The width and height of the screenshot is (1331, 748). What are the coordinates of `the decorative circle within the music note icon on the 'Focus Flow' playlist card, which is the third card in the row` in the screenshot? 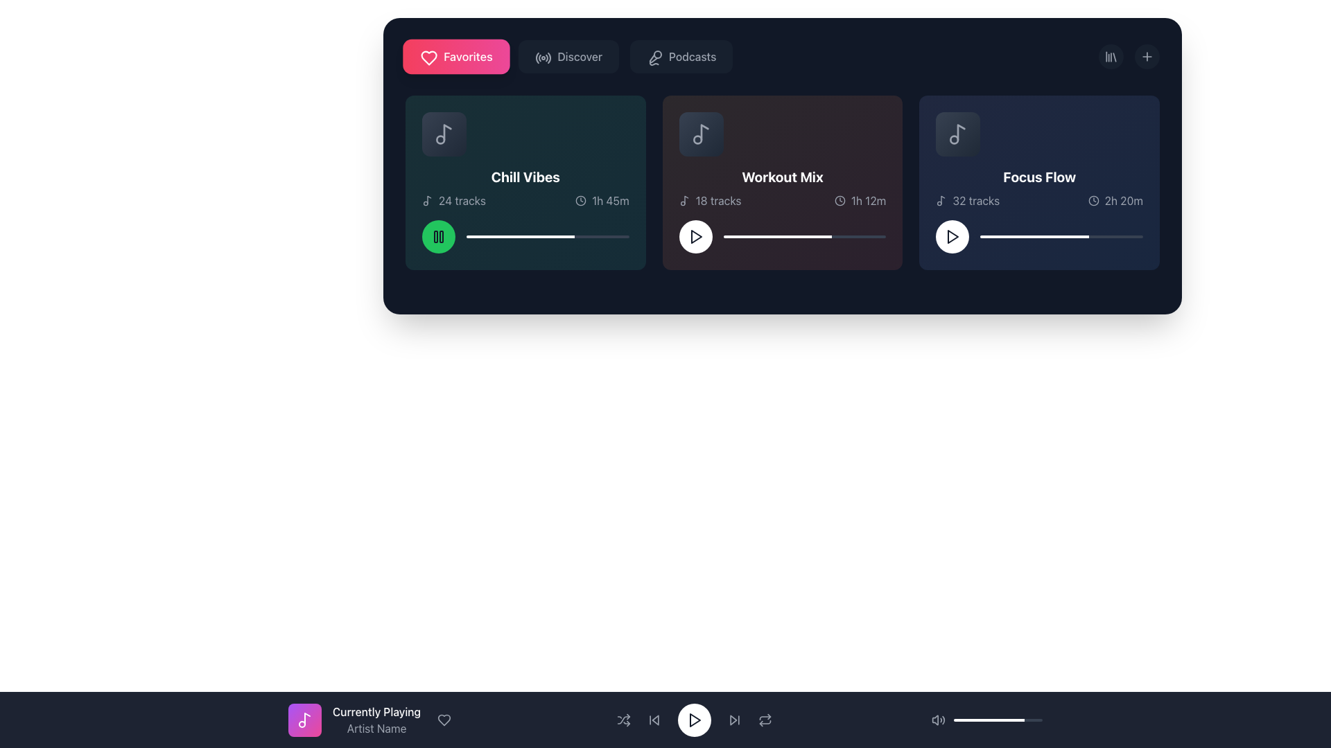 It's located at (954, 139).